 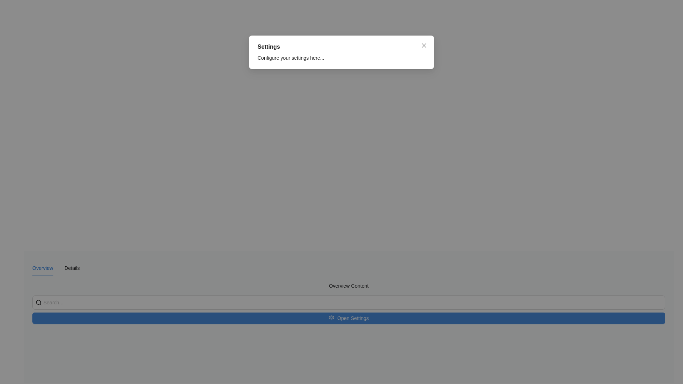 What do you see at coordinates (38, 303) in the screenshot?
I see `the search icon located in the left section of the input field` at bounding box center [38, 303].